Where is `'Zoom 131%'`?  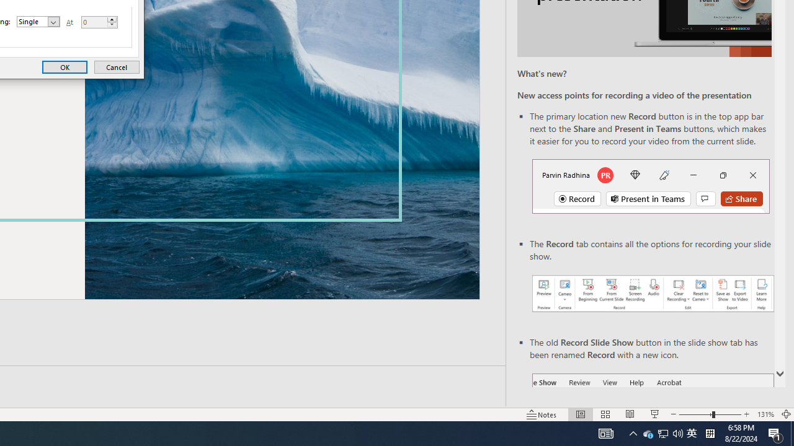
'Zoom 131%' is located at coordinates (765, 414).